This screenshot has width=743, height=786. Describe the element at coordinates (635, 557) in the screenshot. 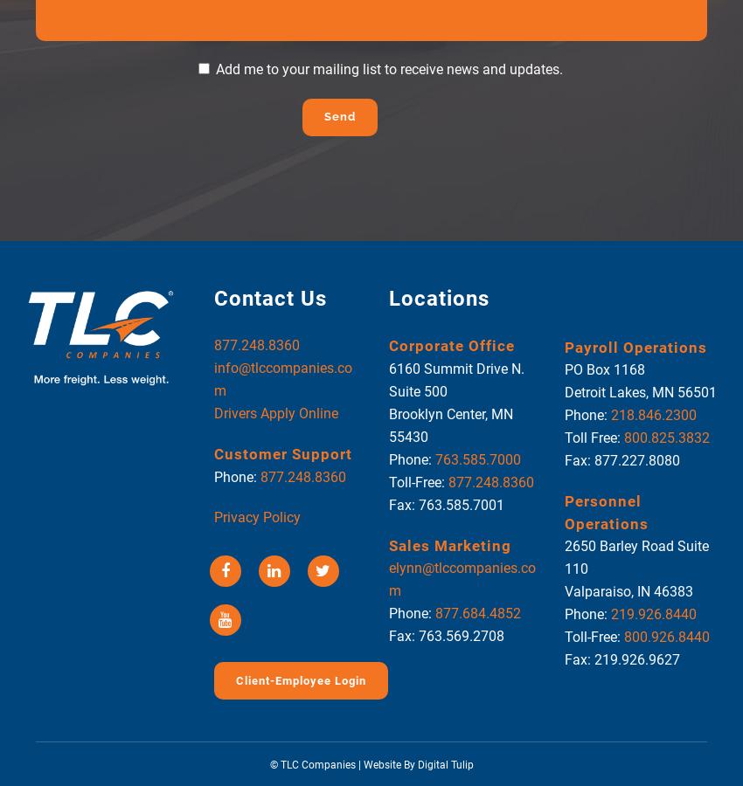

I see `'2650 Barley Road Suite 110'` at that location.